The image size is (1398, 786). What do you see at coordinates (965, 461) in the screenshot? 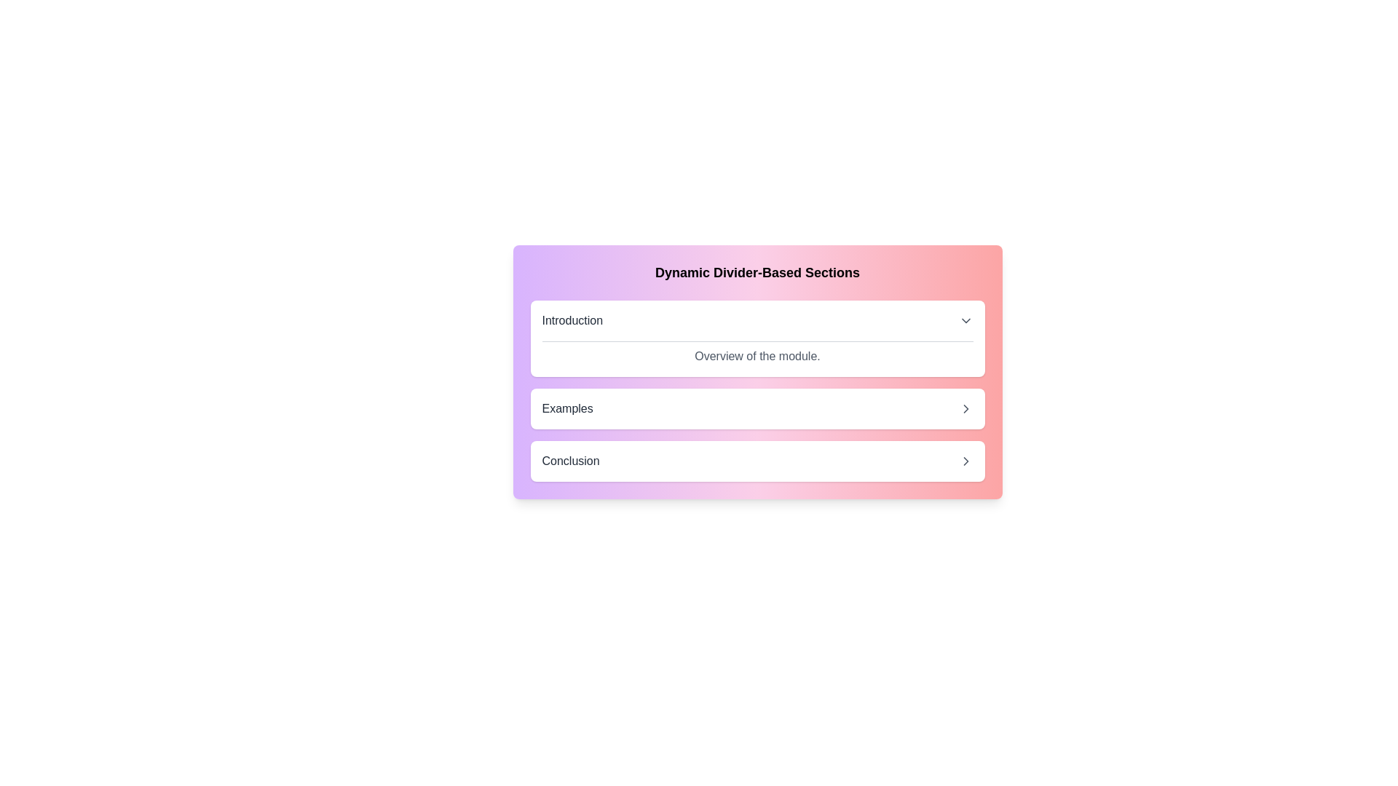
I see `the right-pointing chevron icon located to the far right of the row labeled 'Conclusion'` at bounding box center [965, 461].